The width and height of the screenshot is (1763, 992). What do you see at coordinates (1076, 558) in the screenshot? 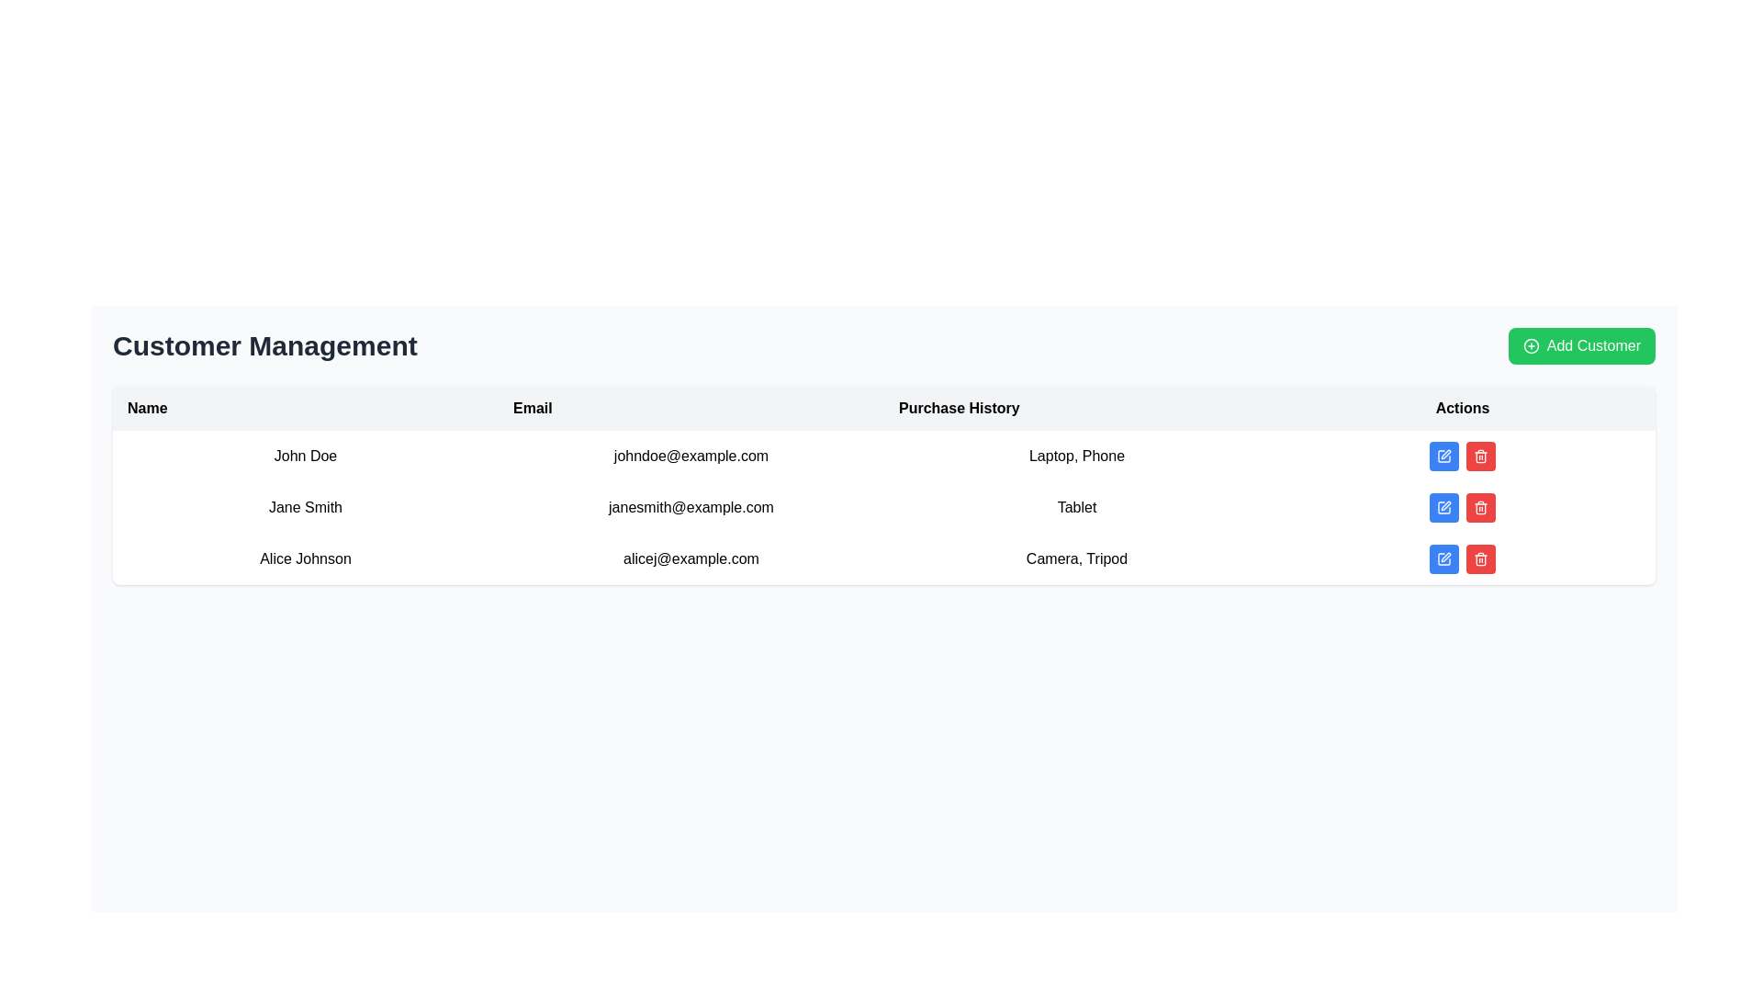
I see `the text display element that shows 'Camera, Tripod' under the 'Purchase History' column for 'Alice Johnson'` at bounding box center [1076, 558].